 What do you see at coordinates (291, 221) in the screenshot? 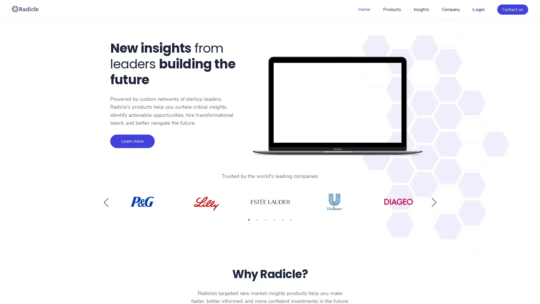
I see `6` at bounding box center [291, 221].